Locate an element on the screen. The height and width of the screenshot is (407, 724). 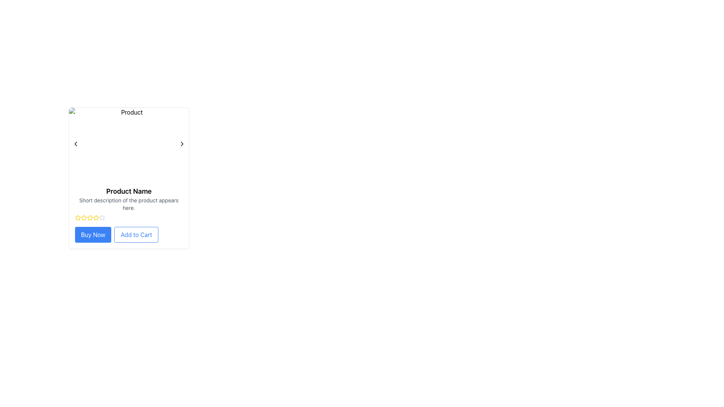
the second star-shaped yellow icon in the rating component to change the rating is located at coordinates (90, 217).